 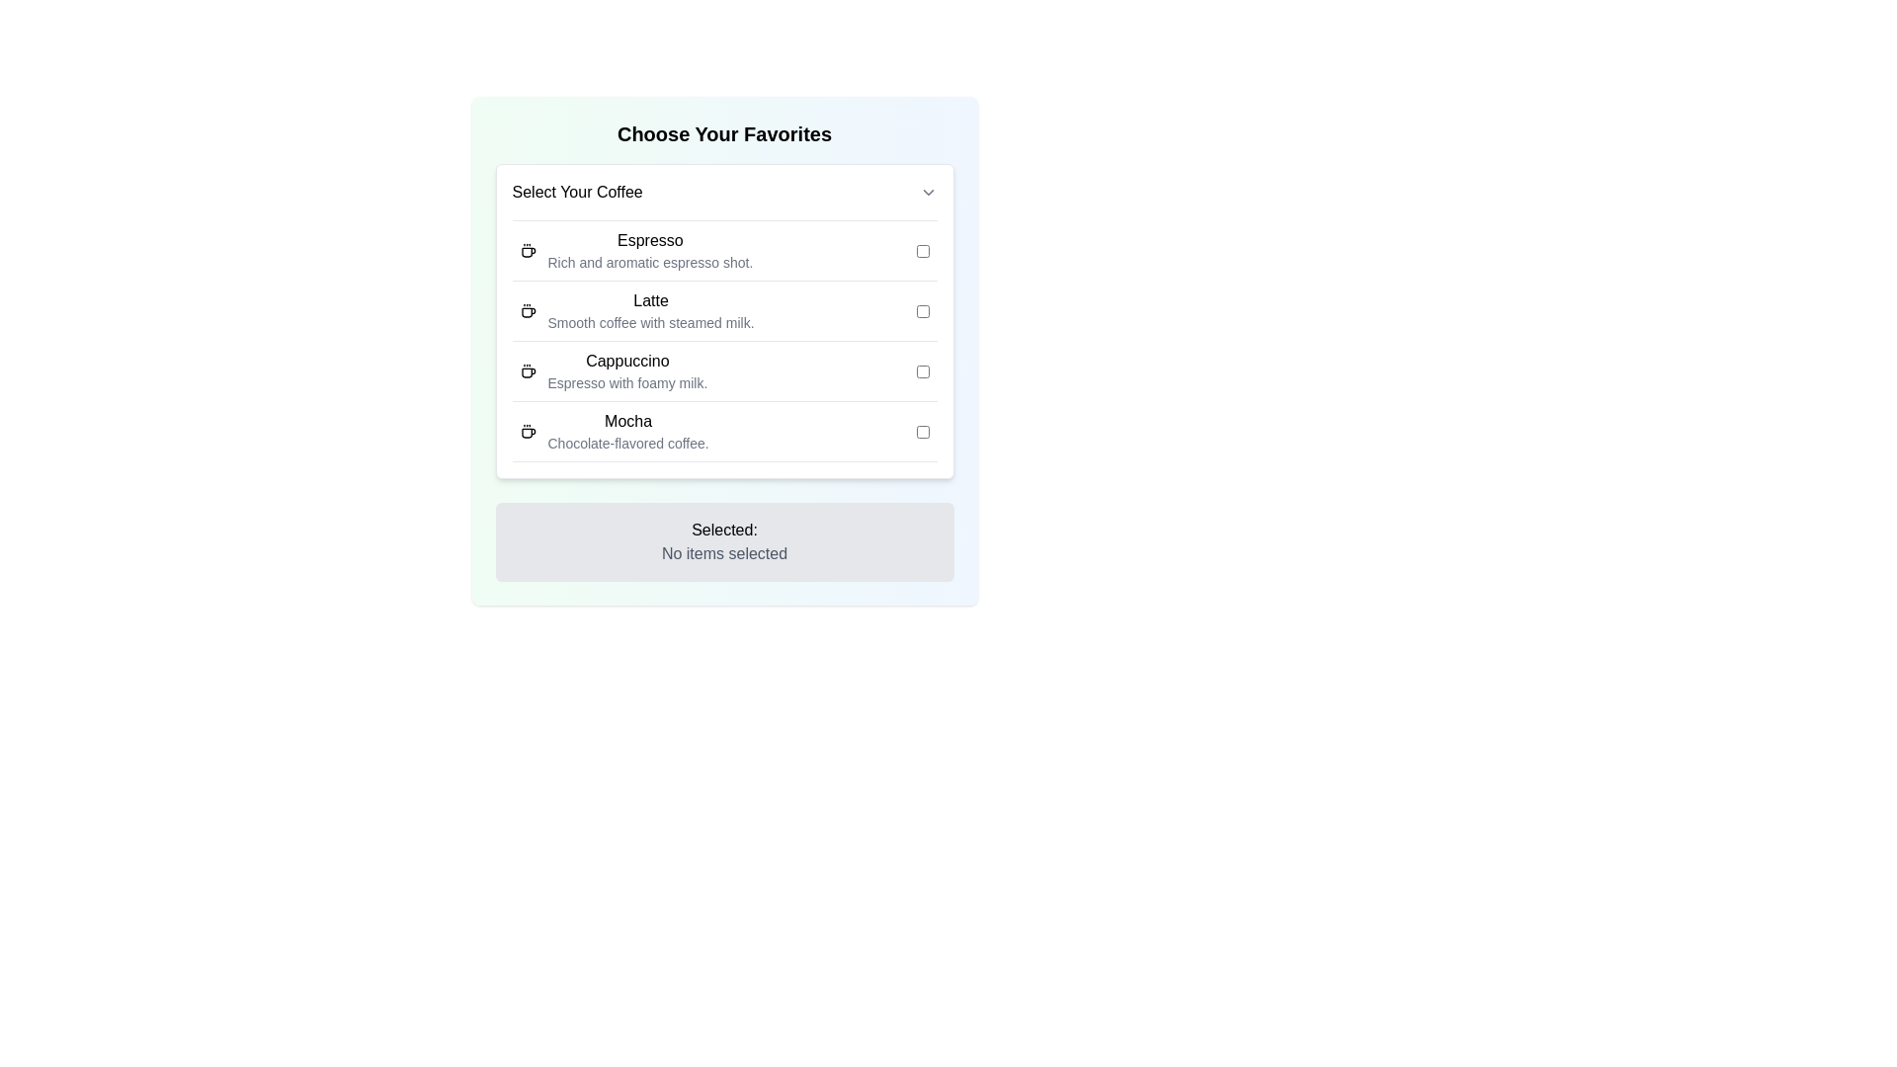 I want to click on the checkbox next to the text 'Latte', so click(x=922, y=311).